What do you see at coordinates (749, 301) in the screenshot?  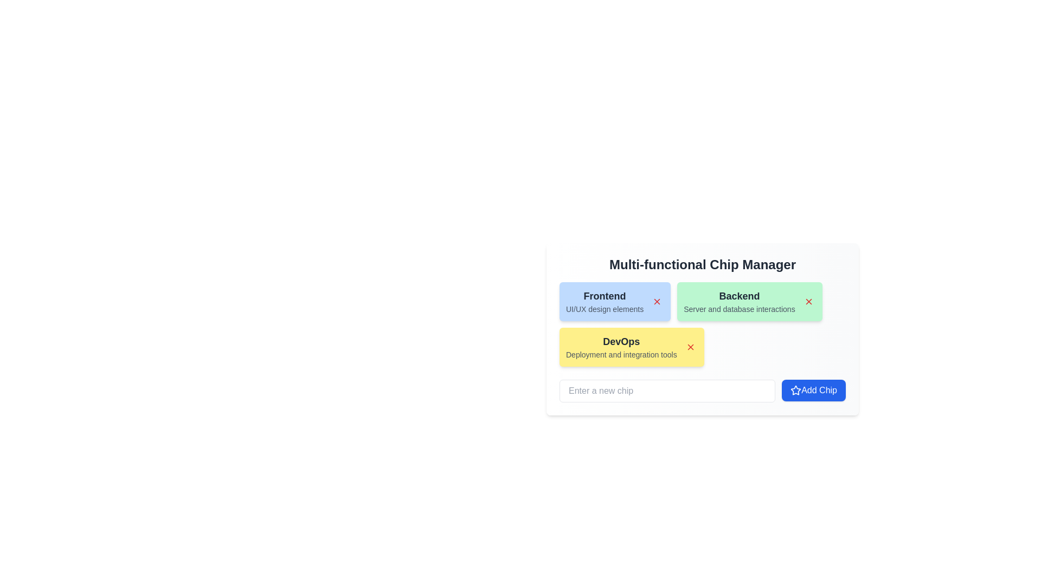 I see `the 'X' icon on the second card in the Multi-functional Chip Manager` at bounding box center [749, 301].